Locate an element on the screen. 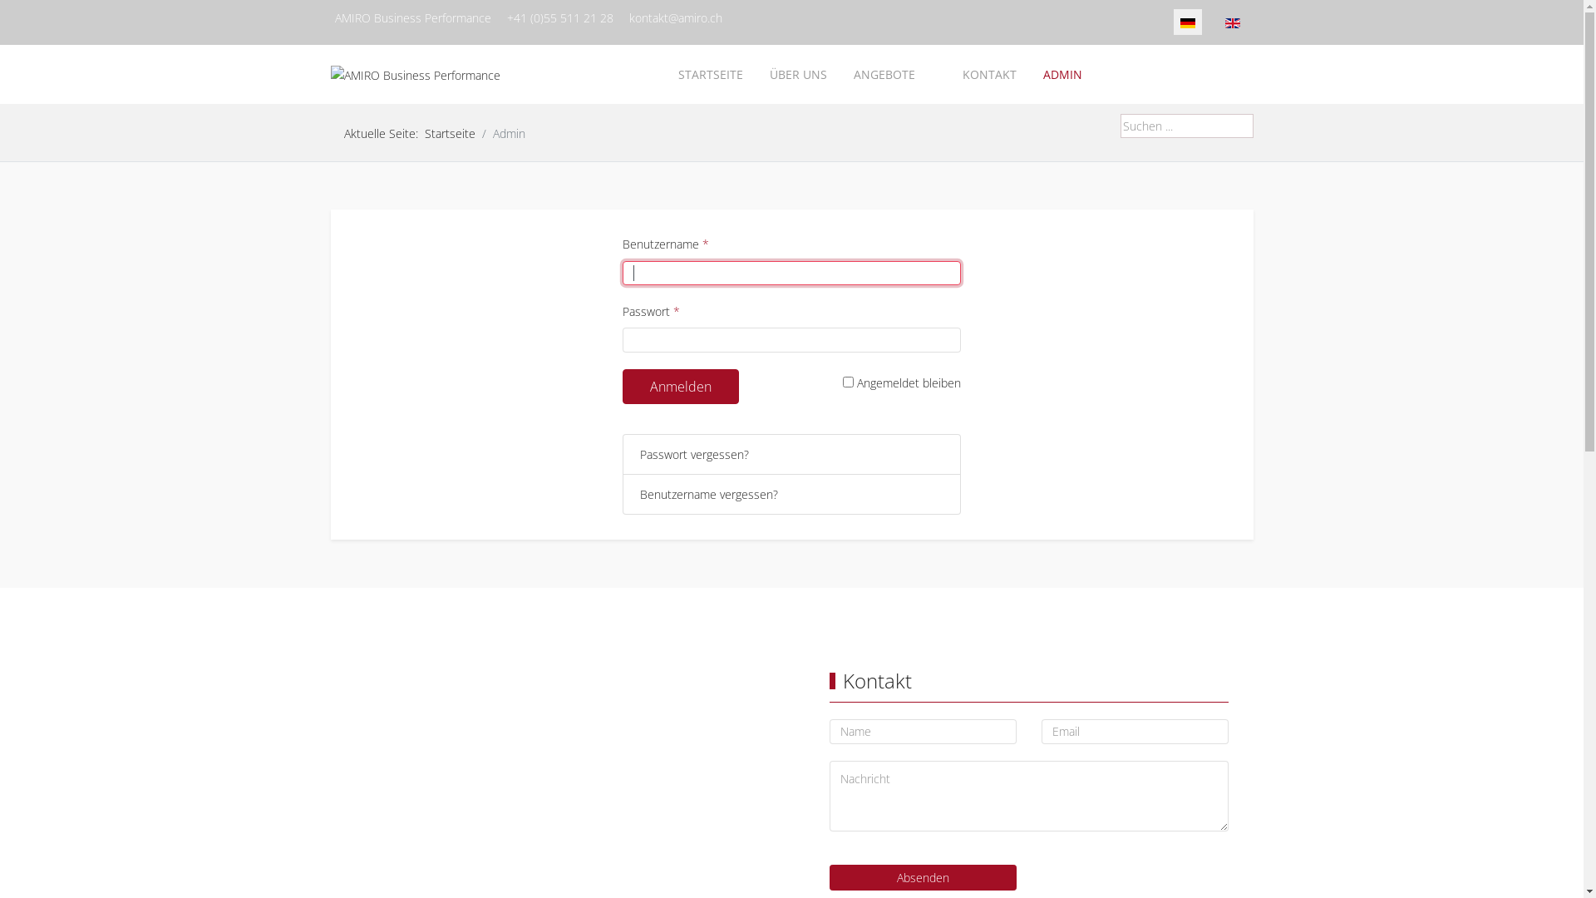  'KONTAKT' is located at coordinates (989, 73).